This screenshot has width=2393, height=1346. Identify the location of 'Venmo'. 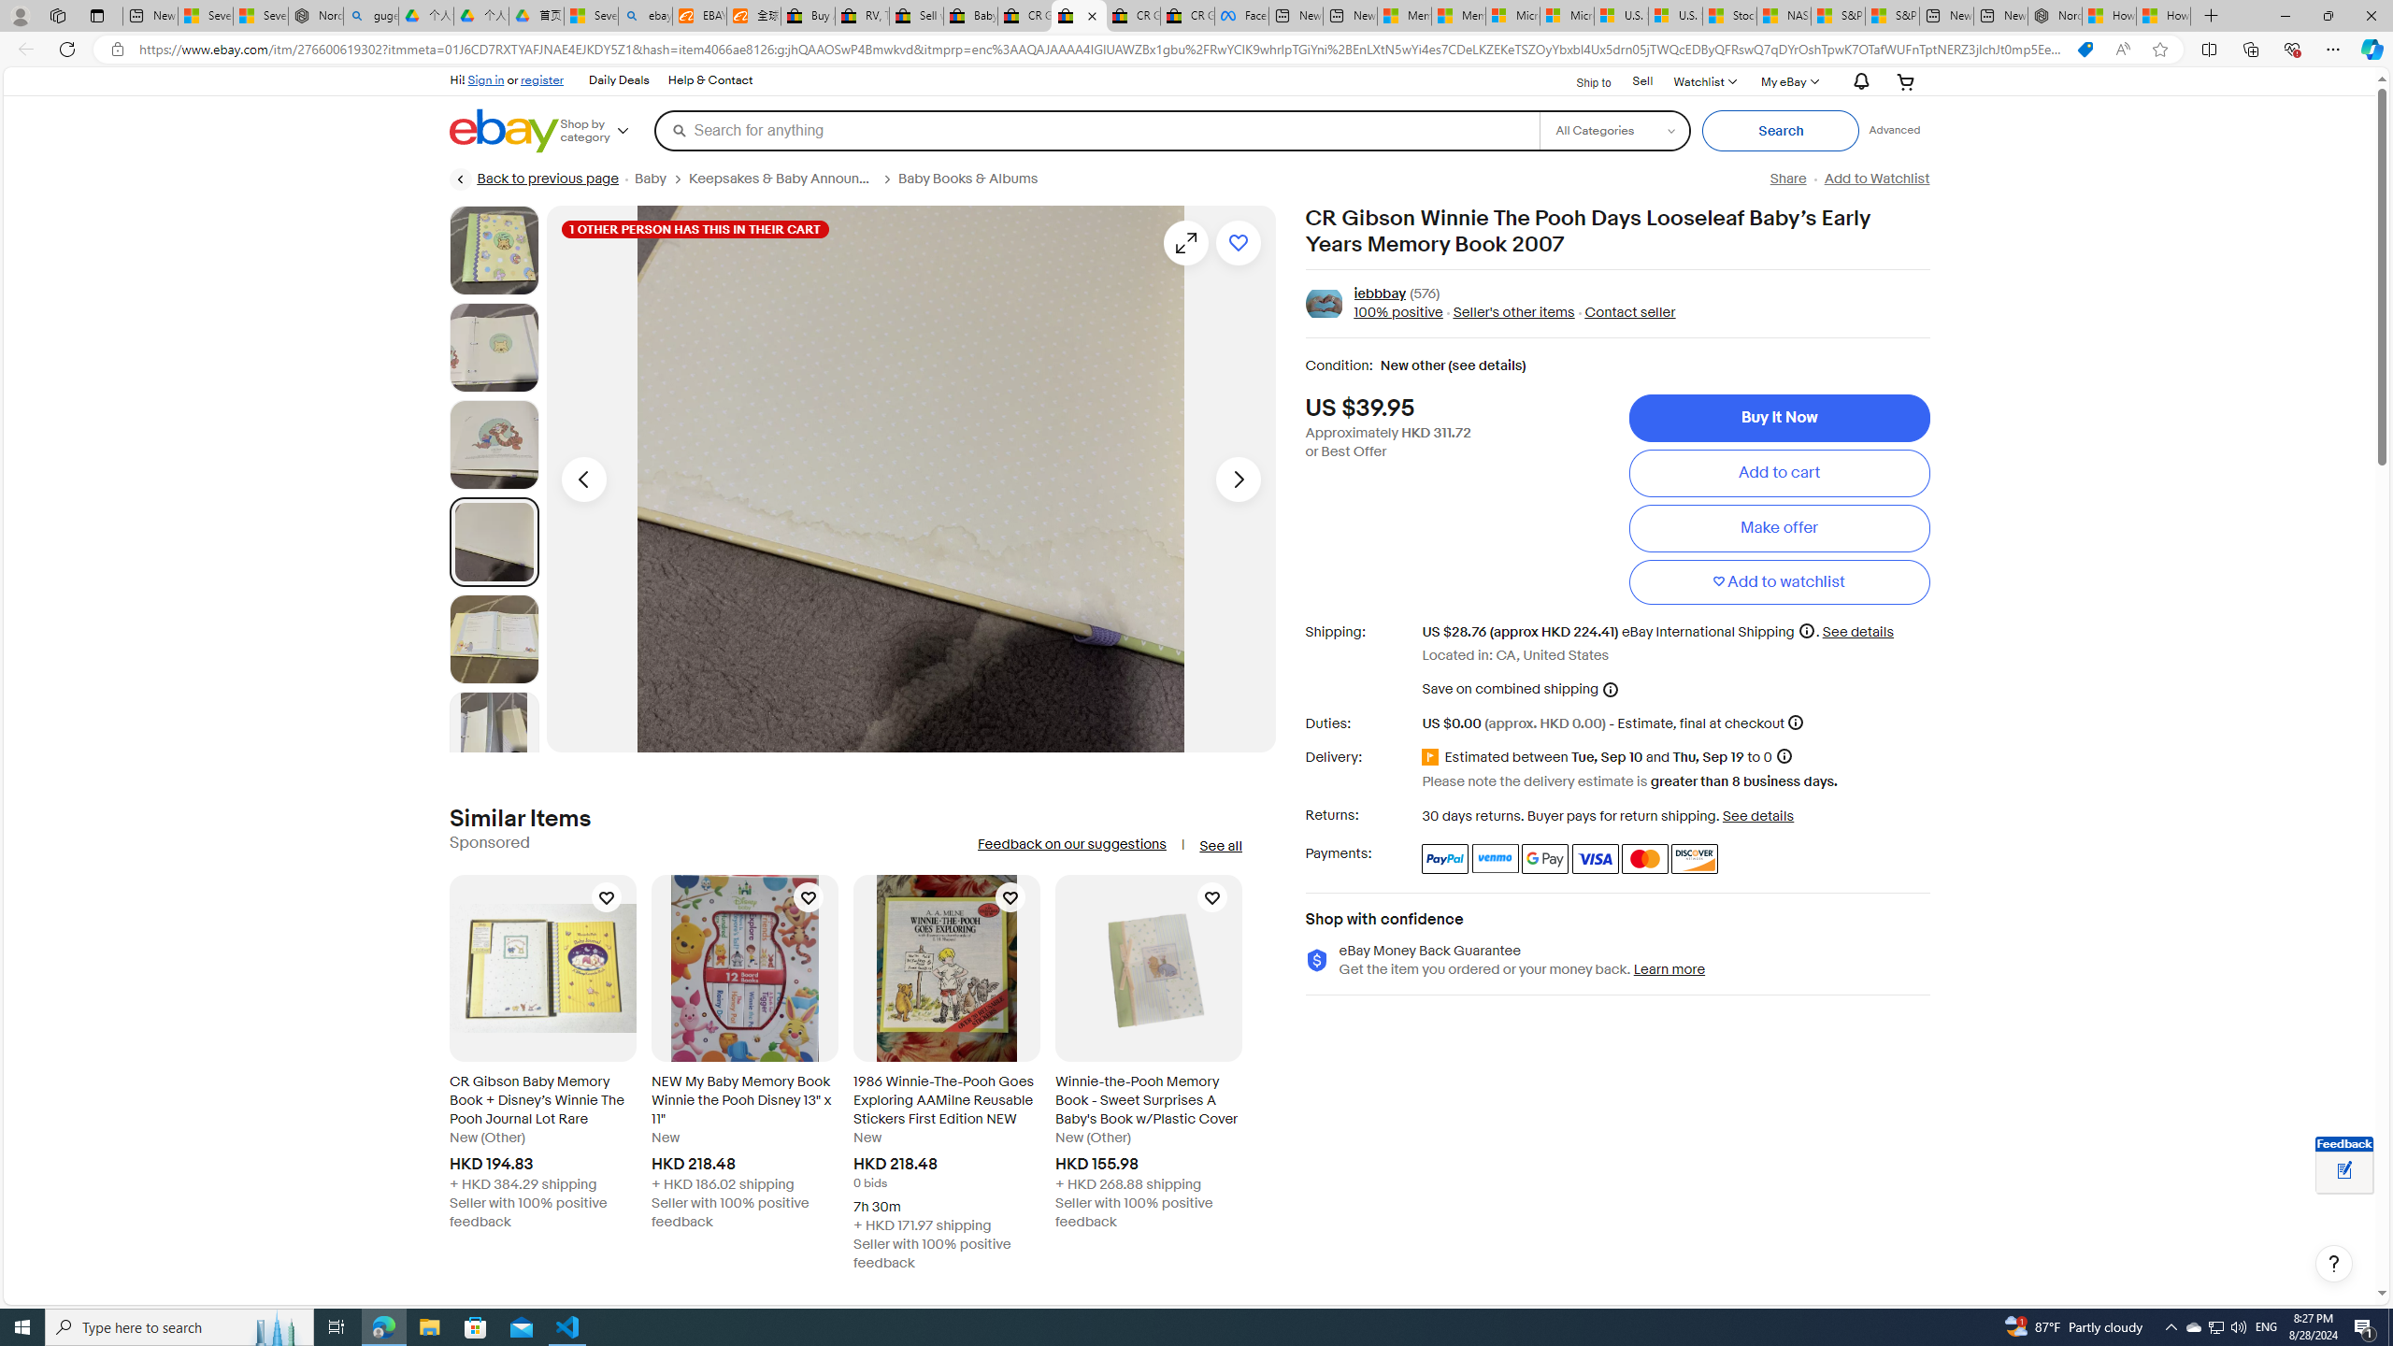
(1495, 856).